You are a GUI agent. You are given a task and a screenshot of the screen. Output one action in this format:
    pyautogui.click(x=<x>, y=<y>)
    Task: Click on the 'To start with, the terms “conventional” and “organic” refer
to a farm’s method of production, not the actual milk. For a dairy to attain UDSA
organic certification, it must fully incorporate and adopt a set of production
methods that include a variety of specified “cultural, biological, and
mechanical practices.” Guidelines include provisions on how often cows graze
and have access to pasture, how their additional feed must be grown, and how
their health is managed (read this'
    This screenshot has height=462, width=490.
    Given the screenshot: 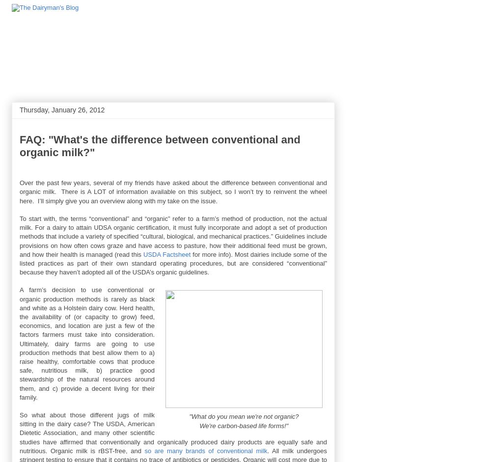 What is the action you would take?
    pyautogui.click(x=172, y=236)
    